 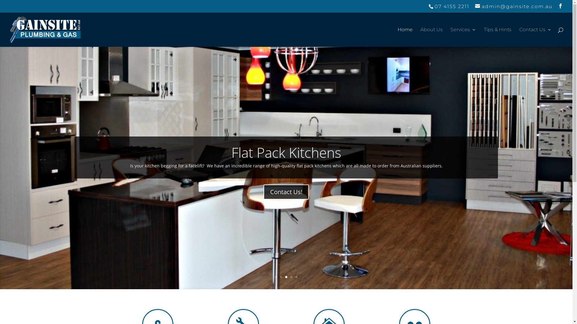 I want to click on 'Contact Us', so click(x=535, y=37).